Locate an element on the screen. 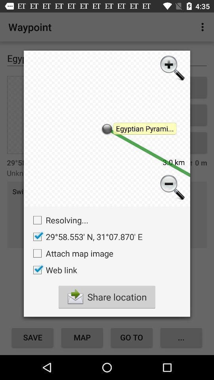  zoom out is located at coordinates (171, 188).